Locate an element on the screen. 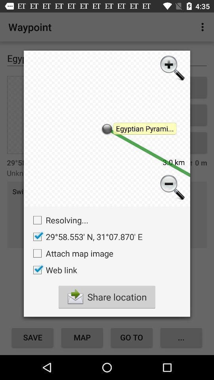  zoom out is located at coordinates (171, 188).